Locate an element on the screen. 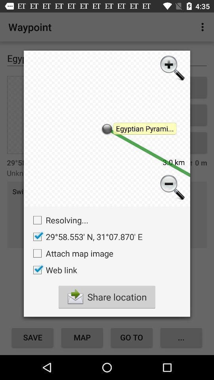  zoom out is located at coordinates (171, 188).